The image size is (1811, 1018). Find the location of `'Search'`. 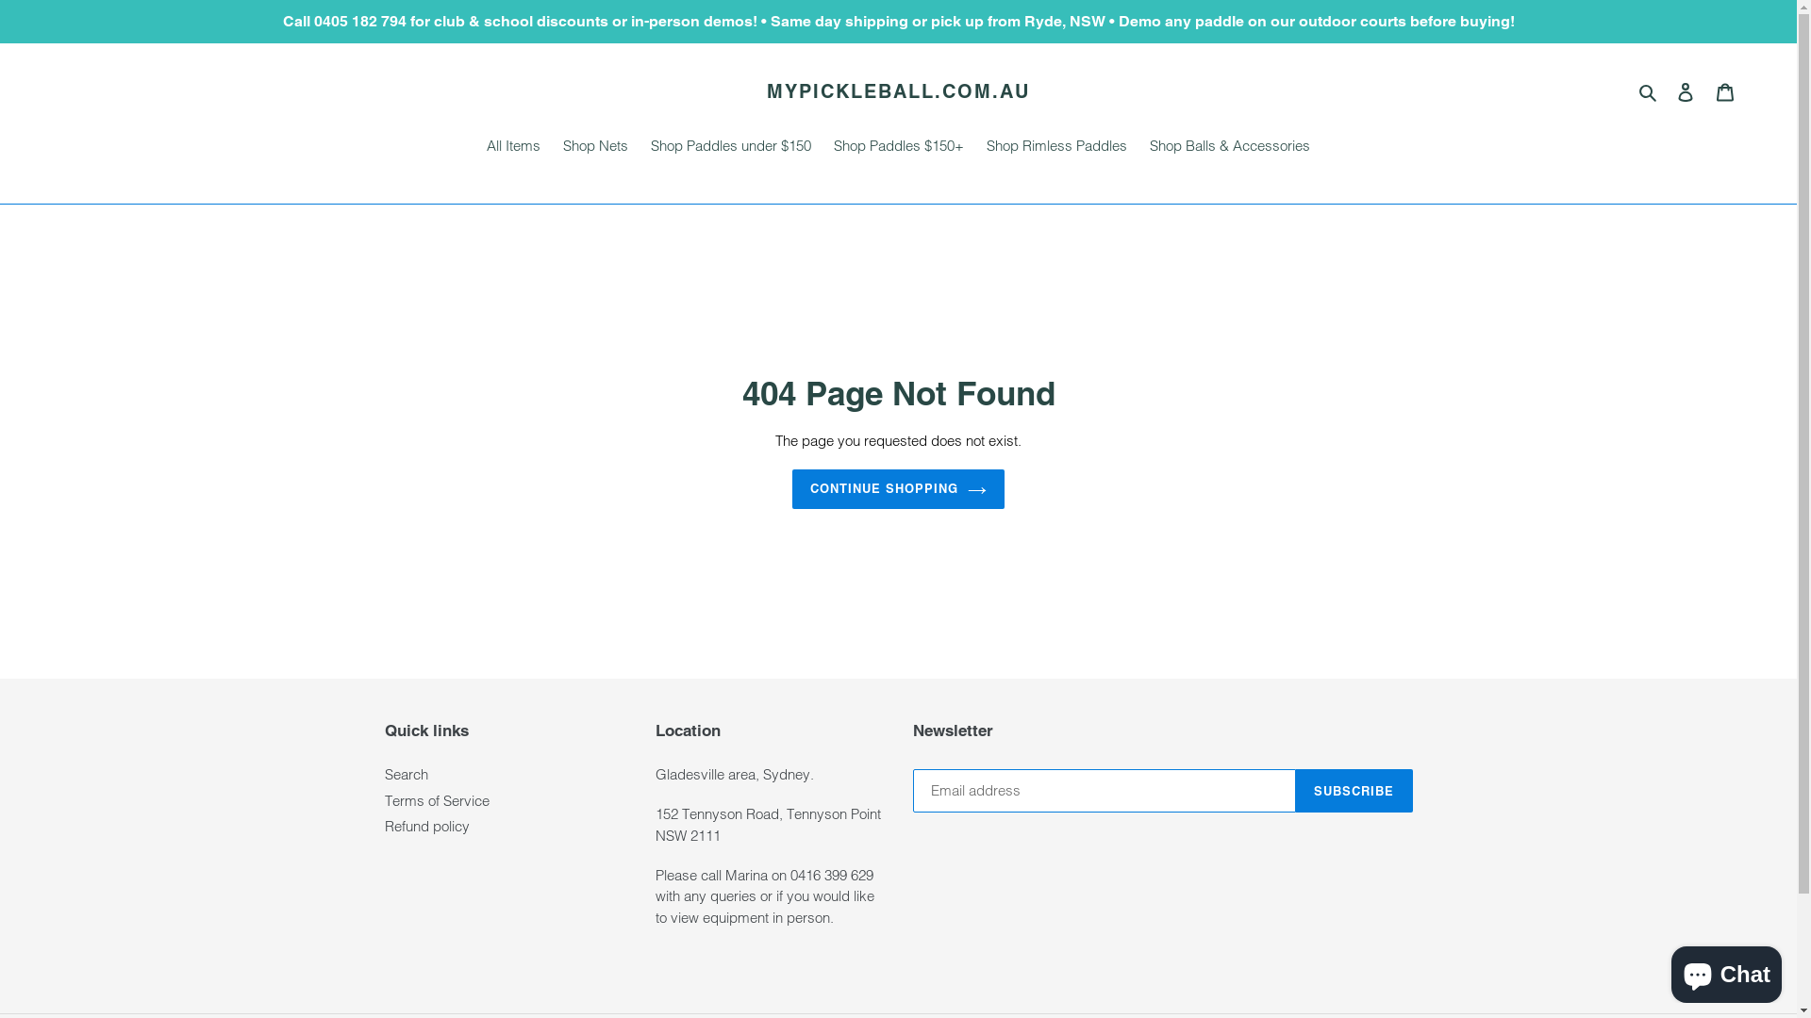

'Search' is located at coordinates (384, 774).